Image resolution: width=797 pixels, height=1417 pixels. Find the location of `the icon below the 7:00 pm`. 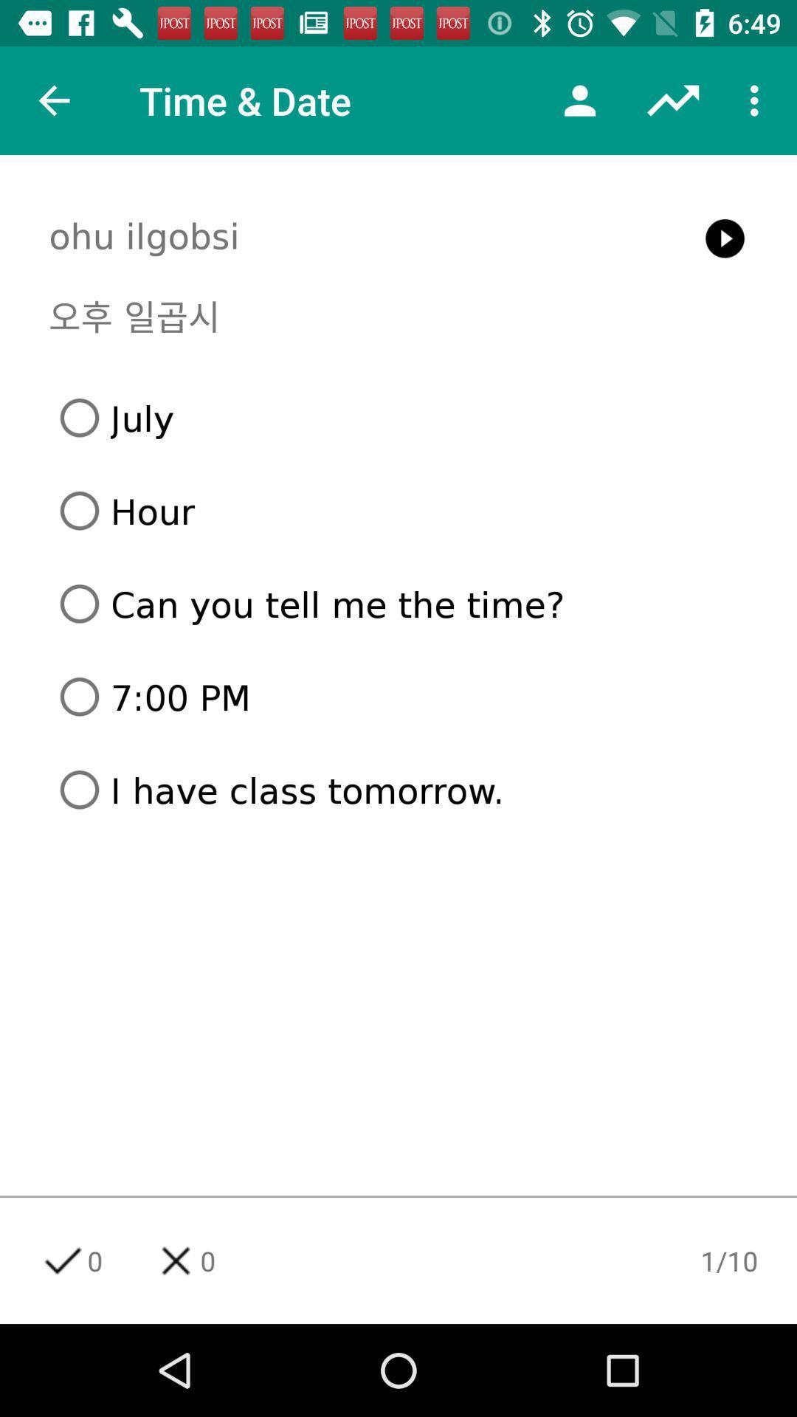

the icon below the 7:00 pm is located at coordinates (404, 789).